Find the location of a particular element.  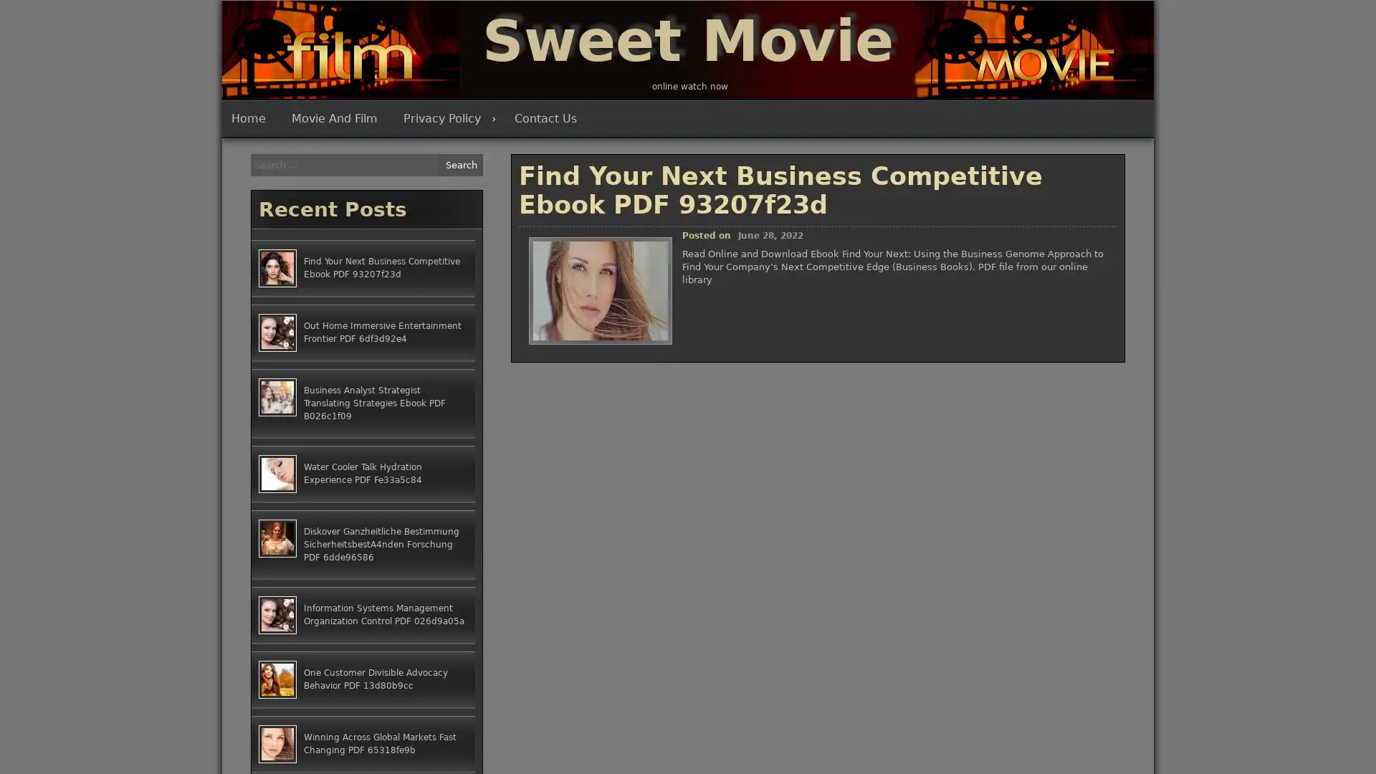

Search is located at coordinates (461, 164).